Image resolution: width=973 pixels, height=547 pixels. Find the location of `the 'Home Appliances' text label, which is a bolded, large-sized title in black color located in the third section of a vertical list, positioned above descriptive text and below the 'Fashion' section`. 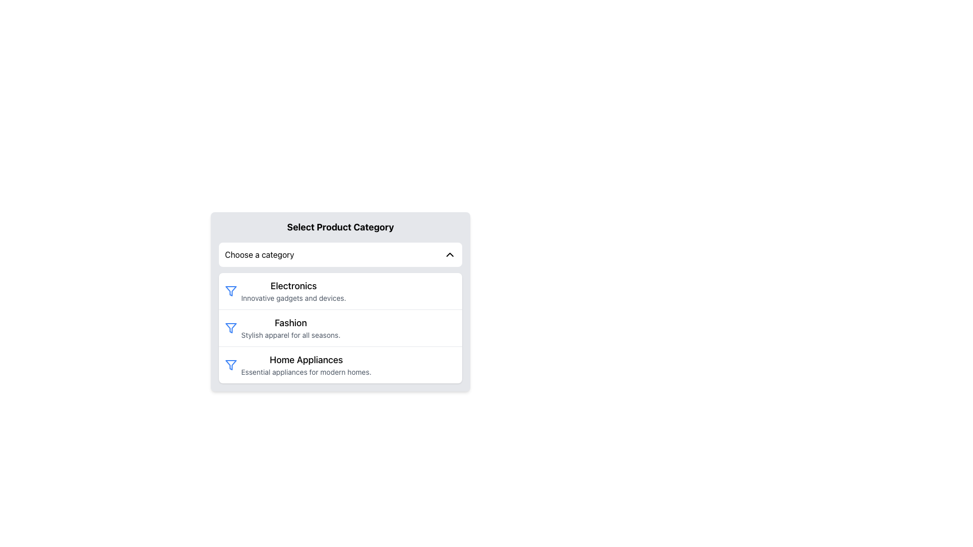

the 'Home Appliances' text label, which is a bolded, large-sized title in black color located in the third section of a vertical list, positioned above descriptive text and below the 'Fashion' section is located at coordinates (306, 359).